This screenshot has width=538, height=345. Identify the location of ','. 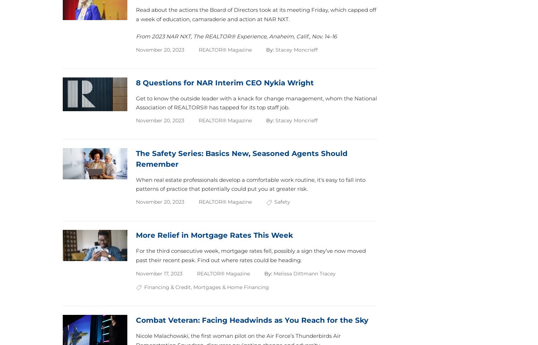
(192, 286).